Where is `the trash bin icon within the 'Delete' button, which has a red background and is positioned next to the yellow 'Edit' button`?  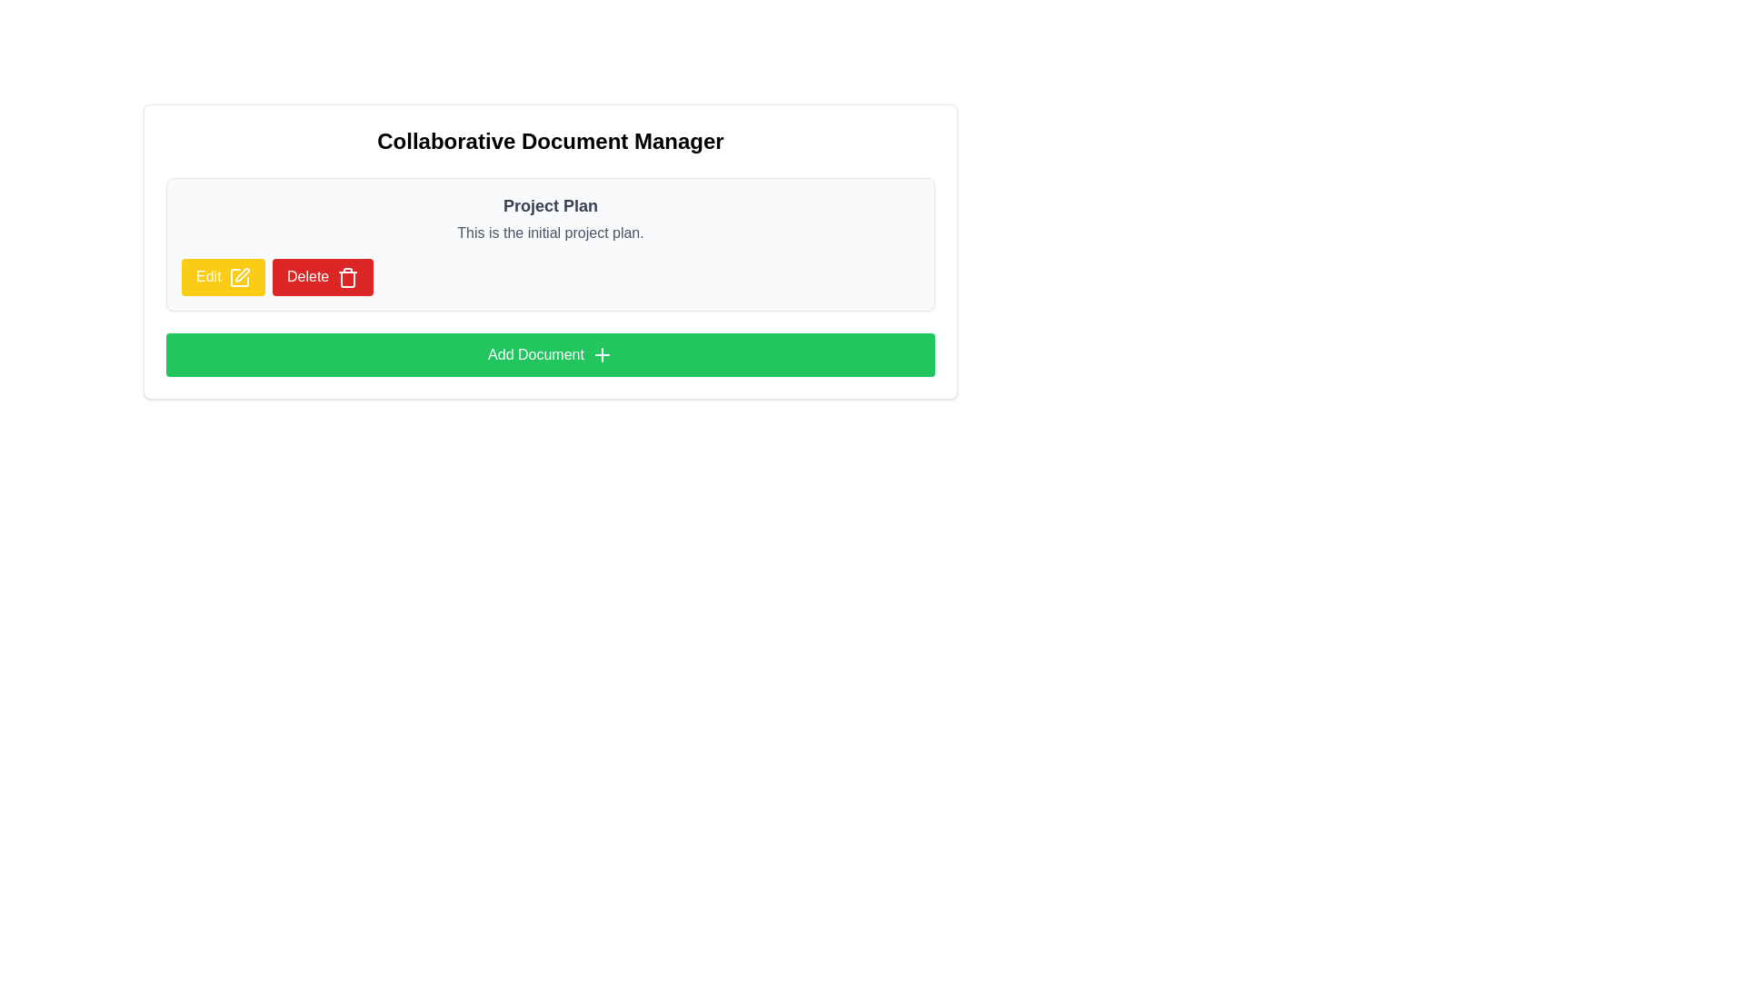
the trash bin icon within the 'Delete' button, which has a red background and is positioned next to the yellow 'Edit' button is located at coordinates (347, 277).